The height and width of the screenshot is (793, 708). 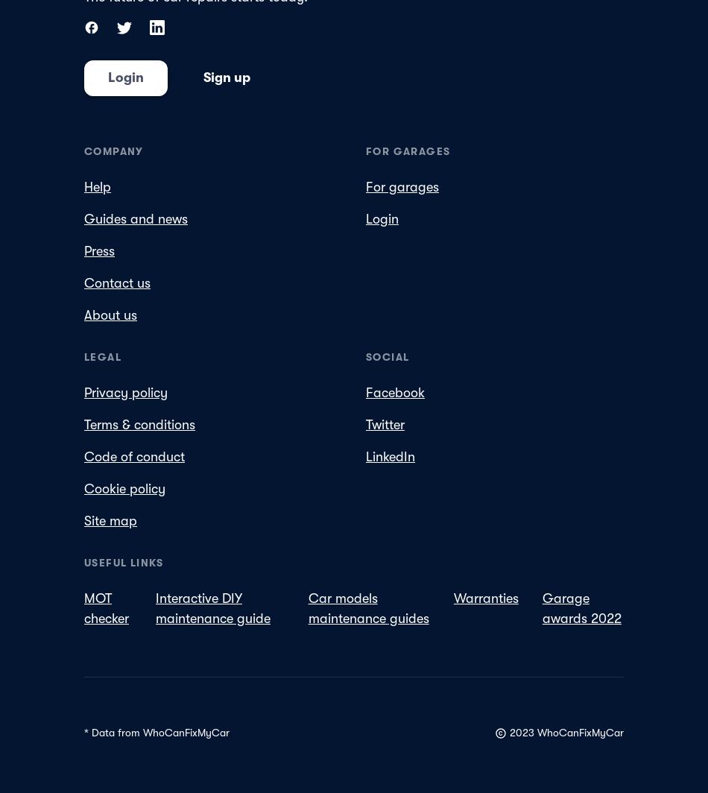 What do you see at coordinates (98, 186) in the screenshot?
I see `'Help'` at bounding box center [98, 186].